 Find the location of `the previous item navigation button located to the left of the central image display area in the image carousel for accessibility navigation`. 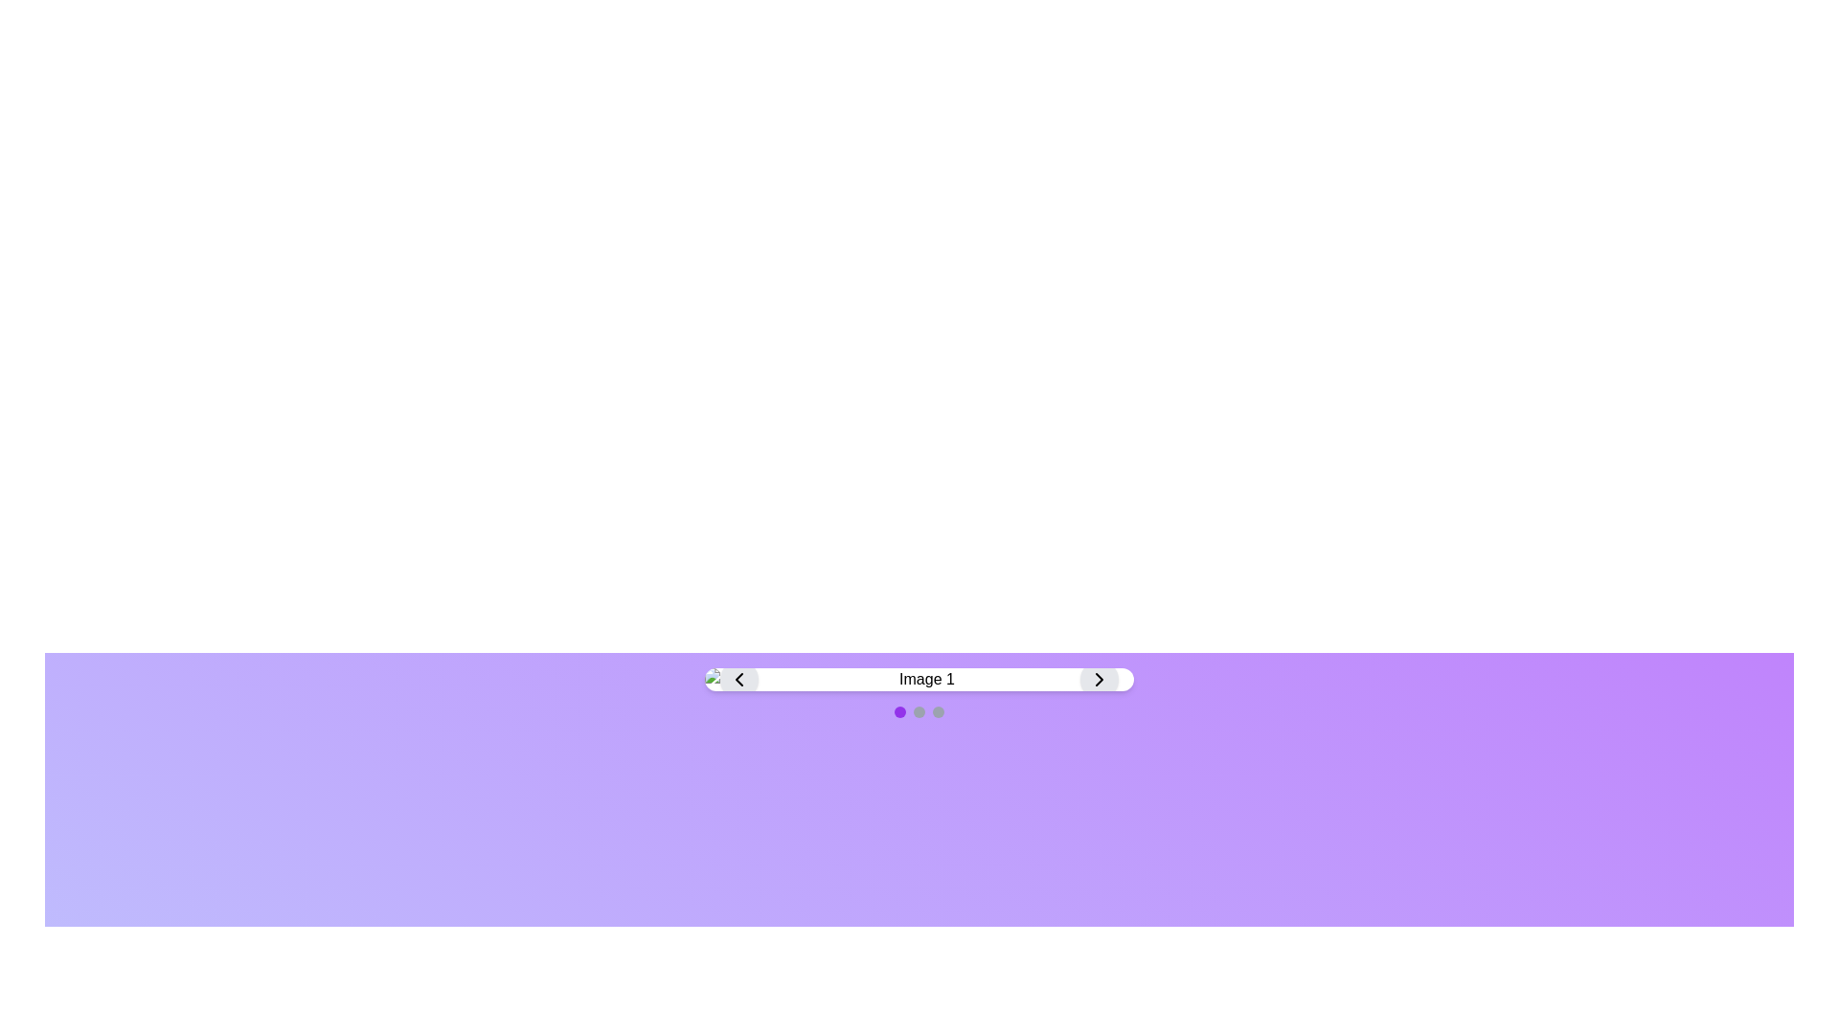

the previous item navigation button located to the left of the central image display area in the image carousel for accessibility navigation is located at coordinates (738, 678).